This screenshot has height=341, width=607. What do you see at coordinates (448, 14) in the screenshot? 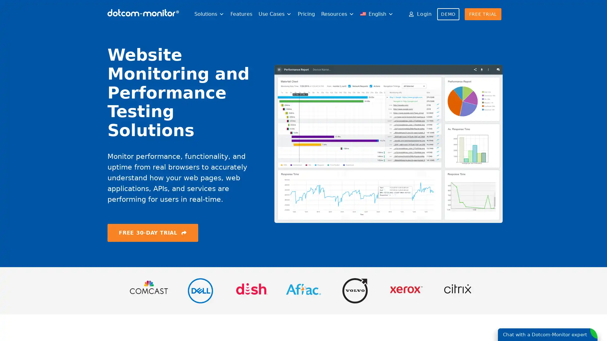
I see `DEMO` at bounding box center [448, 14].